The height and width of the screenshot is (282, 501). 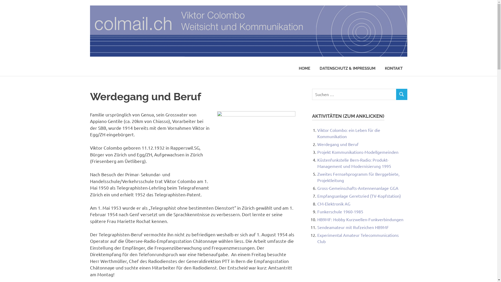 I want to click on 'HOME', so click(x=304, y=68).